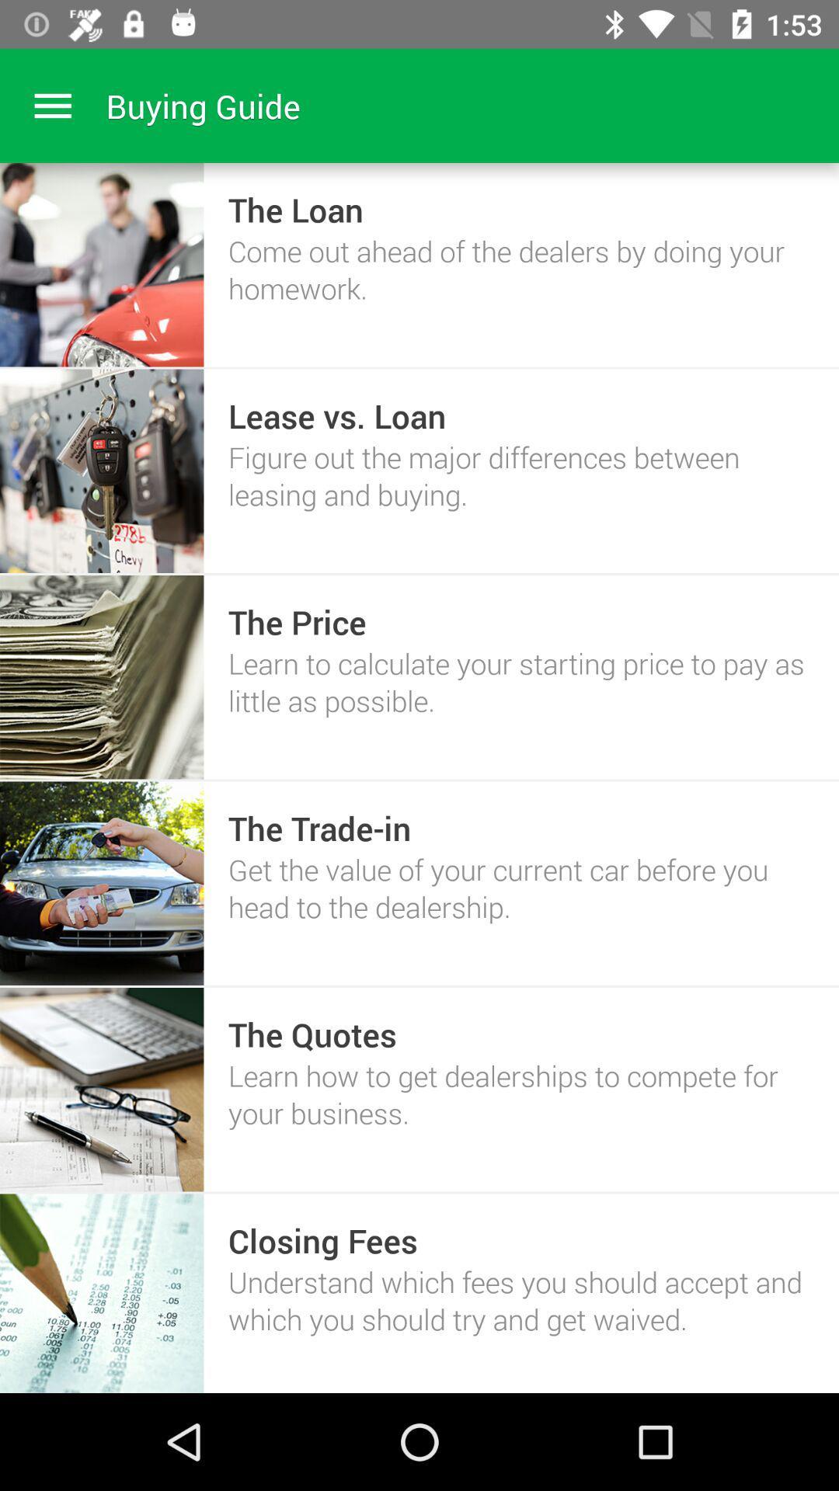  What do you see at coordinates (312, 1034) in the screenshot?
I see `the item below get the value icon` at bounding box center [312, 1034].